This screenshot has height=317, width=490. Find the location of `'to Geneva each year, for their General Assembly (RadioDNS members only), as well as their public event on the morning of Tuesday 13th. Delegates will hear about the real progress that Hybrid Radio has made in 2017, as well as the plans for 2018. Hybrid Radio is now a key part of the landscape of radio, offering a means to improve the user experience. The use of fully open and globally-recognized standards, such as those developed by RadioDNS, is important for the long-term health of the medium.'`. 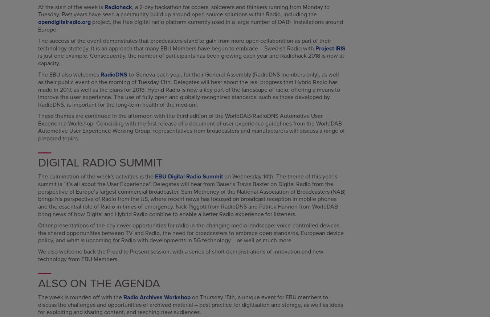

'to Geneva each year, for their General Assembly (RadioDNS members only), as well as their public event on the morning of Tuesday 13th. Delegates will hear about the real progress that Hybrid Radio has made in 2017, as well as the plans for 2018. Hybrid Radio is now a key part of the landscape of radio, offering a means to improve the user experience. The use of fully open and globally-recognized standards, such as those developed by RadioDNS, is important for the long-term health of the medium.' is located at coordinates (188, 89).